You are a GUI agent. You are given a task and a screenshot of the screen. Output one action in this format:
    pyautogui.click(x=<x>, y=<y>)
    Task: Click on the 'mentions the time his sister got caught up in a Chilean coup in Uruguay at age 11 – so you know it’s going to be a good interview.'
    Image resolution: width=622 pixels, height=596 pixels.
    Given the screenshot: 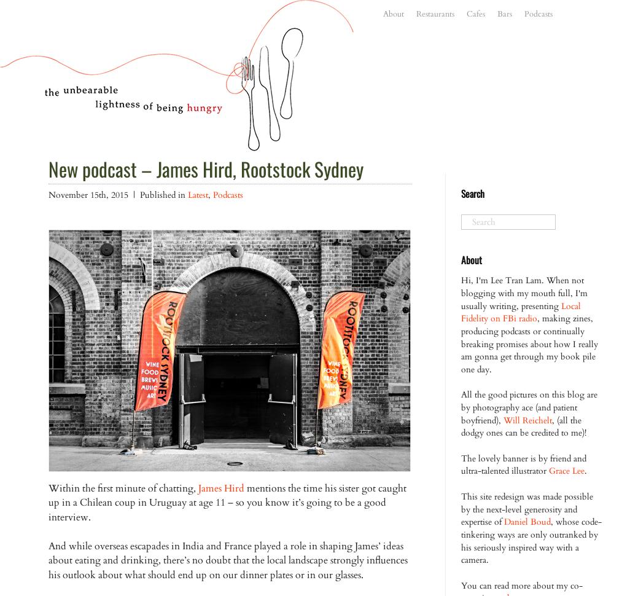 What is the action you would take?
    pyautogui.click(x=227, y=502)
    